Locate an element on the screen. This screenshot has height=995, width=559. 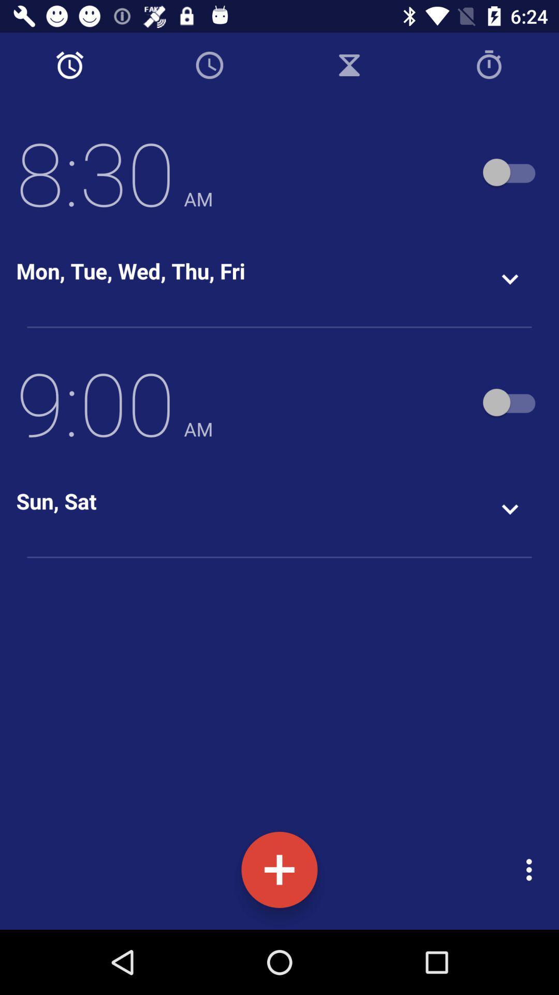
stopwatch icon on the topmost right corner of the page is located at coordinates (489, 65).